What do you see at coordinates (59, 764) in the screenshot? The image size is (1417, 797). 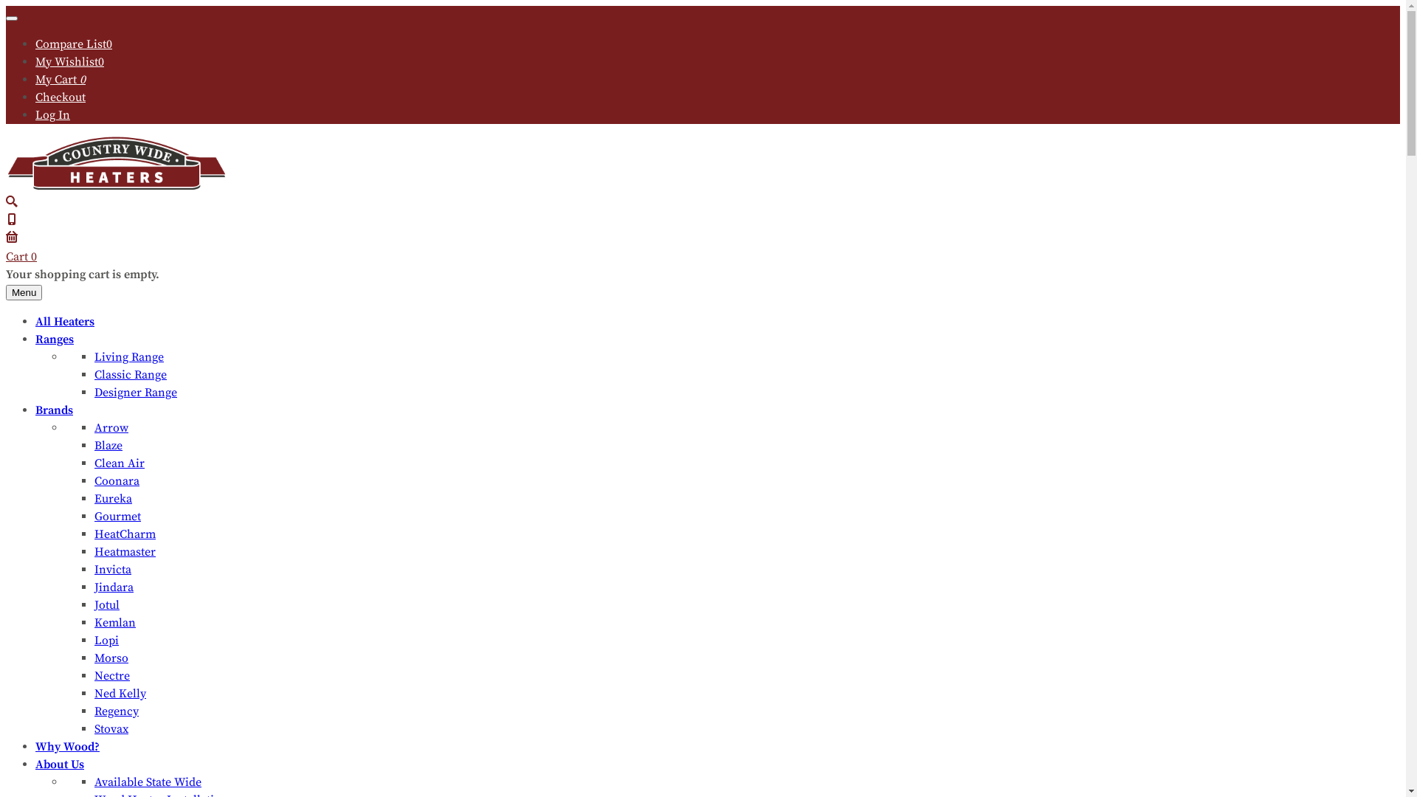 I see `'About Us'` at bounding box center [59, 764].